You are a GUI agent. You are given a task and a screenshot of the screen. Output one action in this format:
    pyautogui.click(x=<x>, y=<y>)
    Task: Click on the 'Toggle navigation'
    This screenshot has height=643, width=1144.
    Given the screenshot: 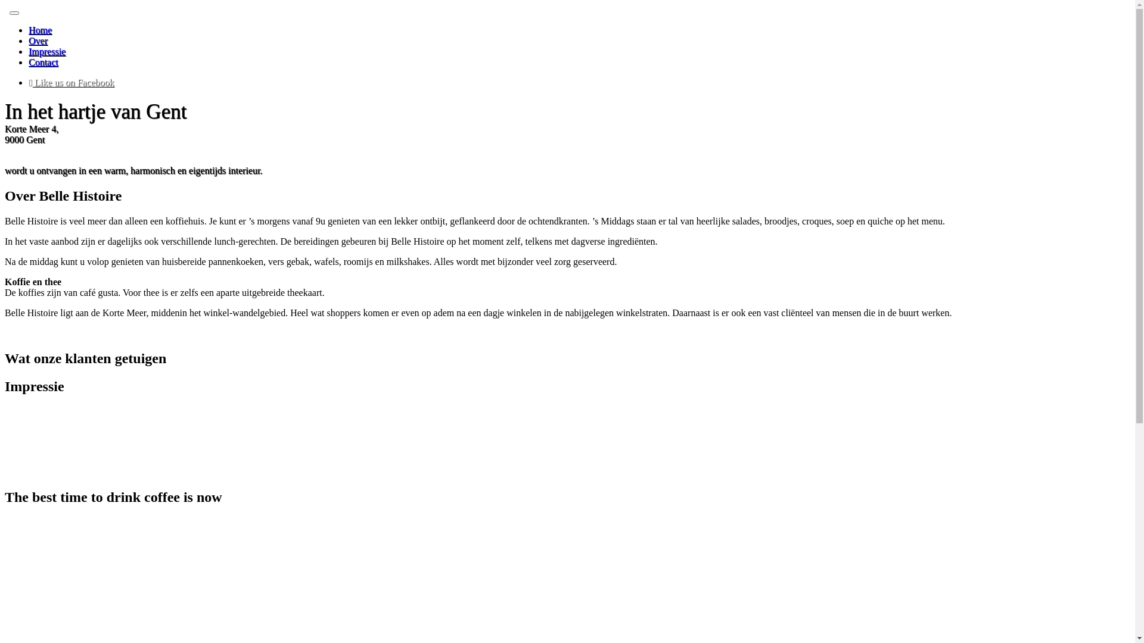 What is the action you would take?
    pyautogui.click(x=14, y=13)
    